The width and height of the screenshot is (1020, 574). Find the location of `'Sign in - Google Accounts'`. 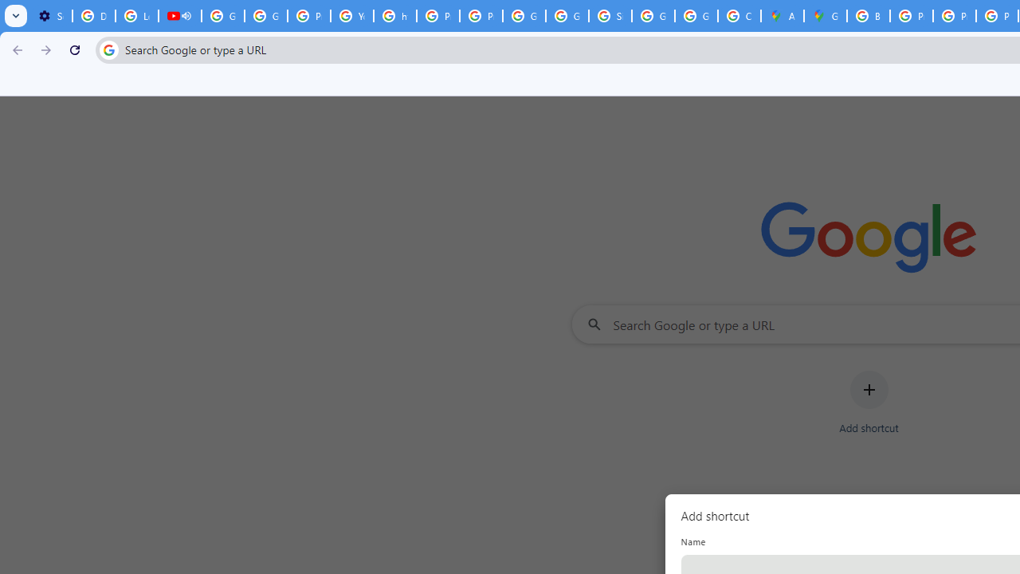

'Sign in - Google Accounts' is located at coordinates (610, 16).